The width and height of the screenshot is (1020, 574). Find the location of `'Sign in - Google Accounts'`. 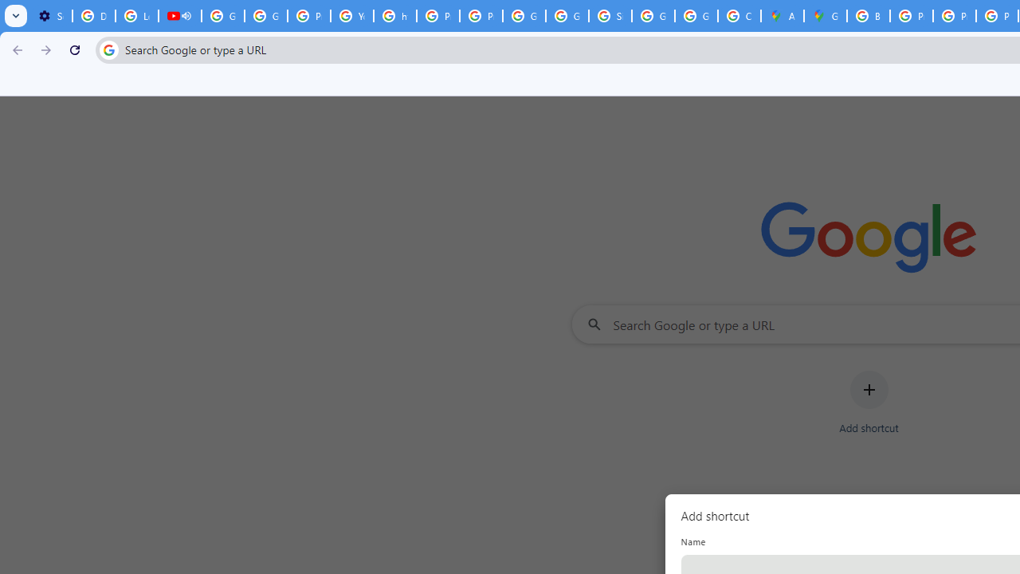

'Sign in - Google Accounts' is located at coordinates (610, 16).